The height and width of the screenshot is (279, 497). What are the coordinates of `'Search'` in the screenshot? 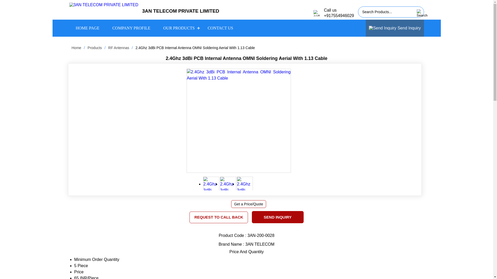 It's located at (419, 13).